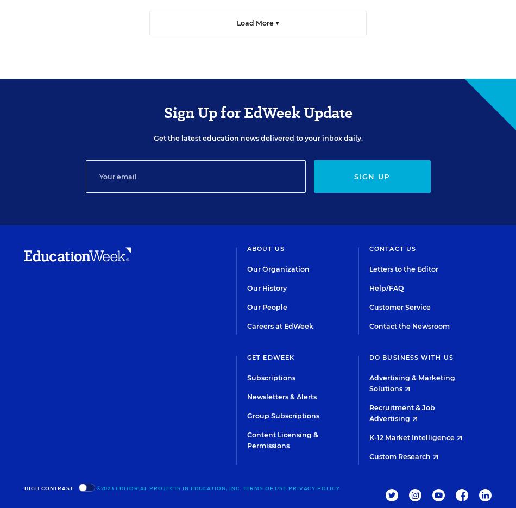 This screenshot has height=508, width=516. Describe the element at coordinates (392, 248) in the screenshot. I see `'Contact Us'` at that location.